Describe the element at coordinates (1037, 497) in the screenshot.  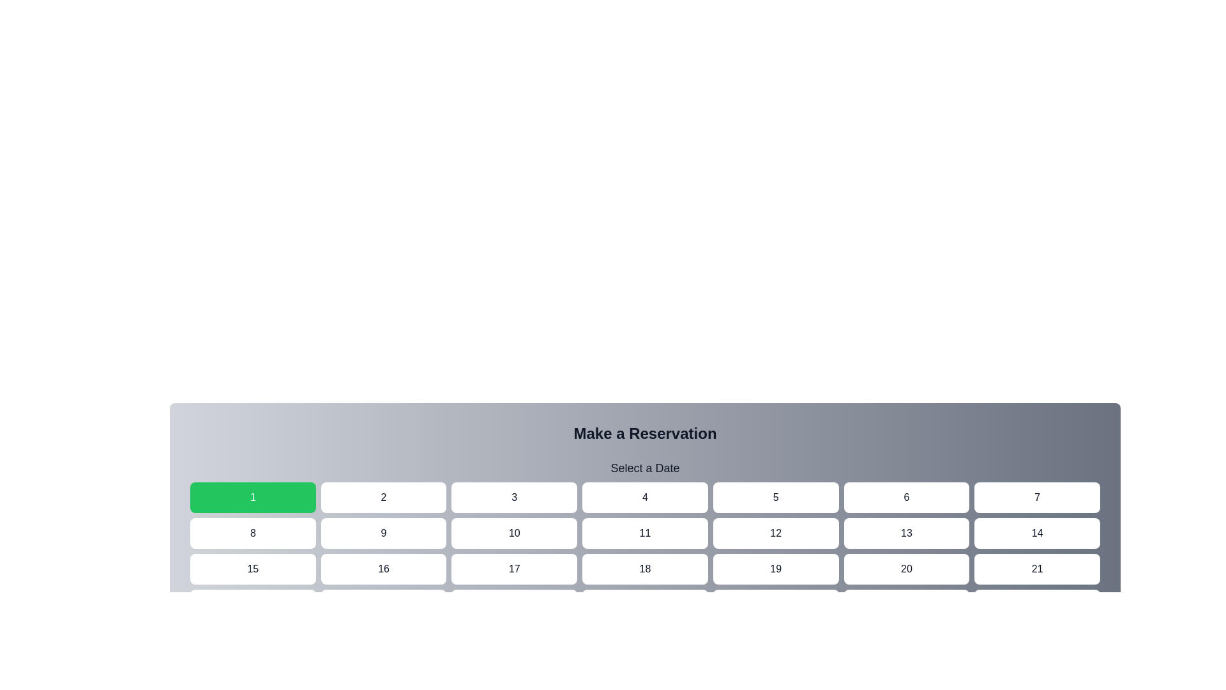
I see `the button displaying the number '7', which is a rectangular button with rounded corners and a white background, to trigger visual changes` at that location.